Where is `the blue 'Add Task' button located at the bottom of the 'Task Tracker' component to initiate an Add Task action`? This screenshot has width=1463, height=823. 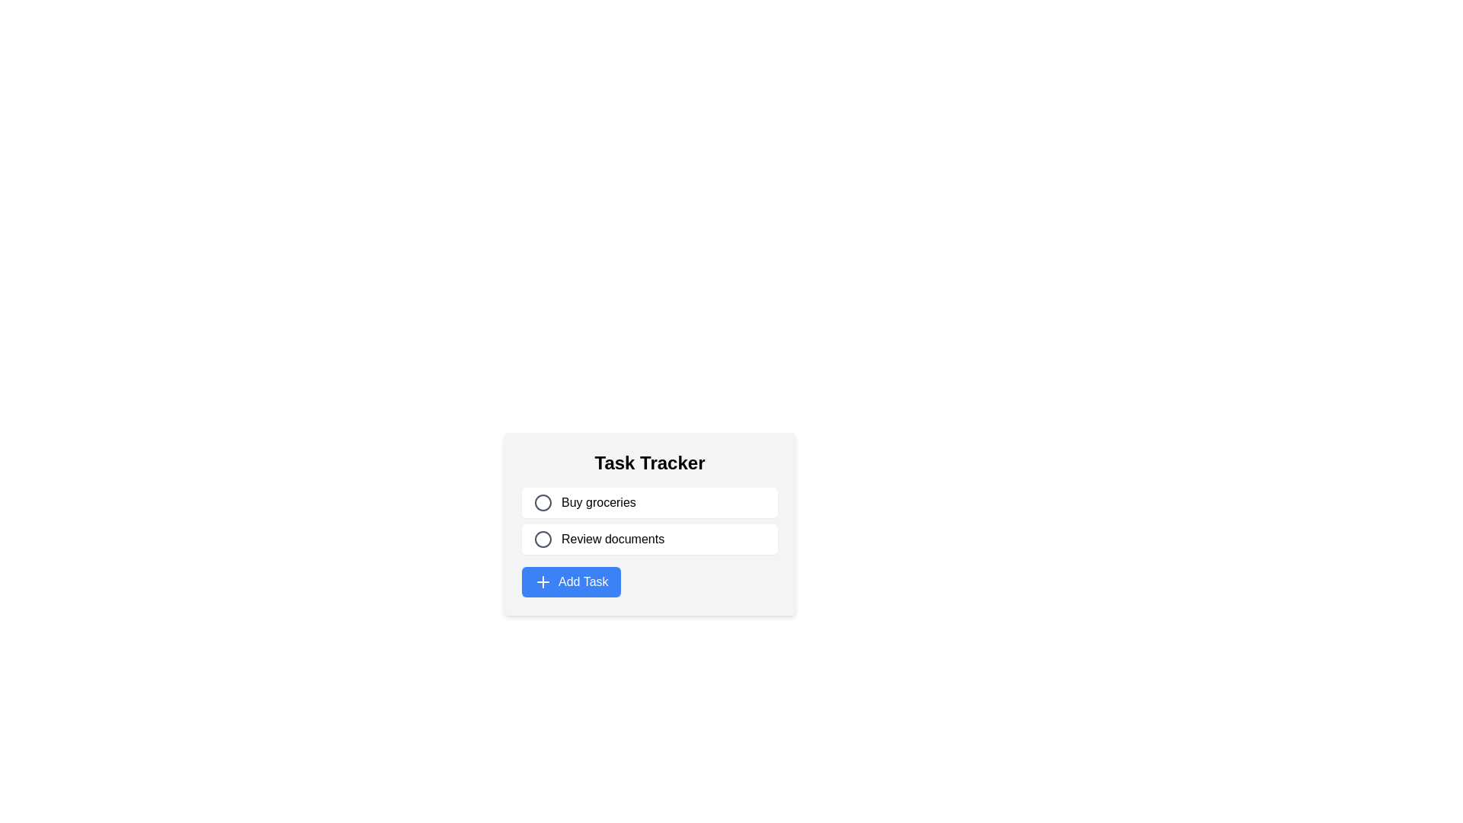
the blue 'Add Task' button located at the bottom of the 'Task Tracker' component to initiate an Add Task action is located at coordinates (570, 581).